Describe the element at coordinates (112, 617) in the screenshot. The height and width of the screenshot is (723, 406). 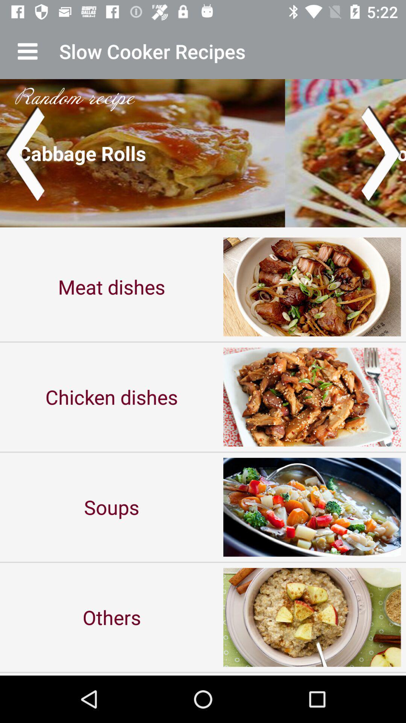
I see `the others icon` at that location.